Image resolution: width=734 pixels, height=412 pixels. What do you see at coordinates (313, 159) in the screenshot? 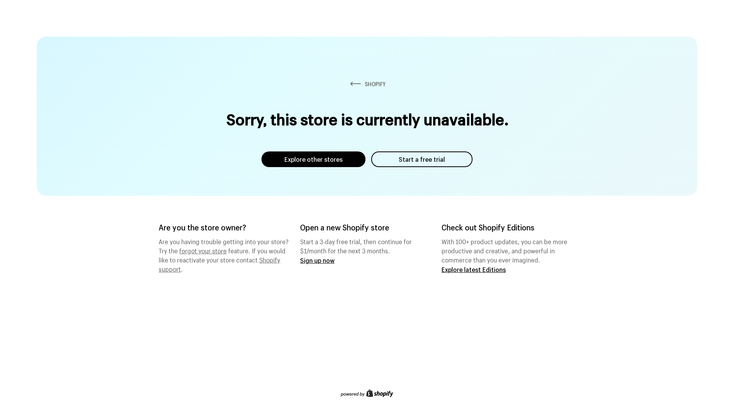
I see `'Explore other stores'` at bounding box center [313, 159].